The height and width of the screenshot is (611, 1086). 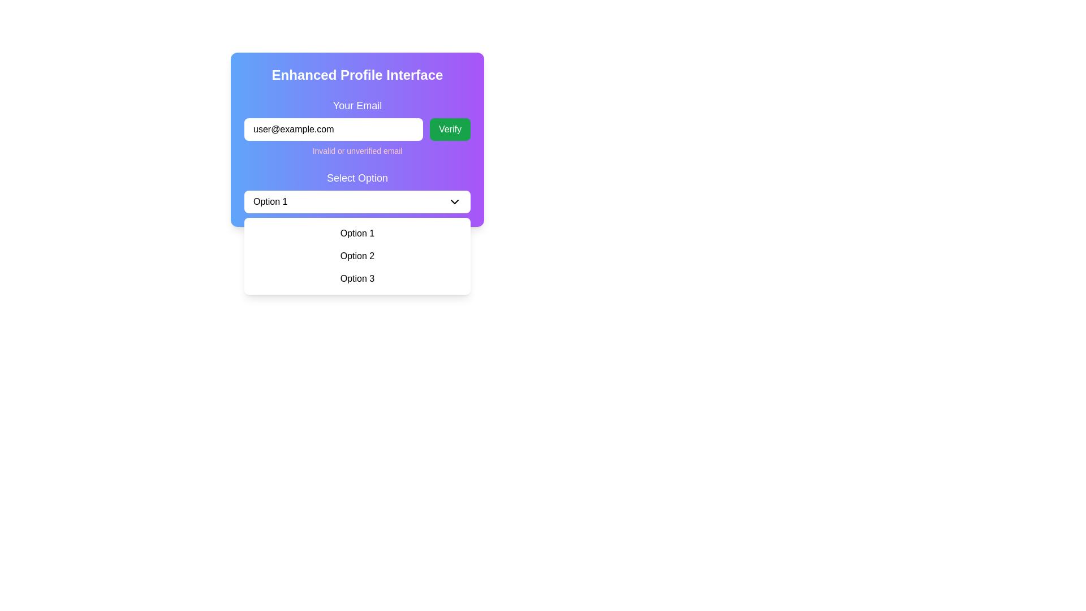 What do you see at coordinates (357, 150) in the screenshot?
I see `the error or status feedback text label positioned below the email input field and verify button, which indicates the entered email status` at bounding box center [357, 150].